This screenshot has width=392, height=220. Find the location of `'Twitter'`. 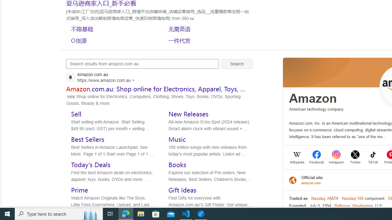

'Twitter' is located at coordinates (355, 161).